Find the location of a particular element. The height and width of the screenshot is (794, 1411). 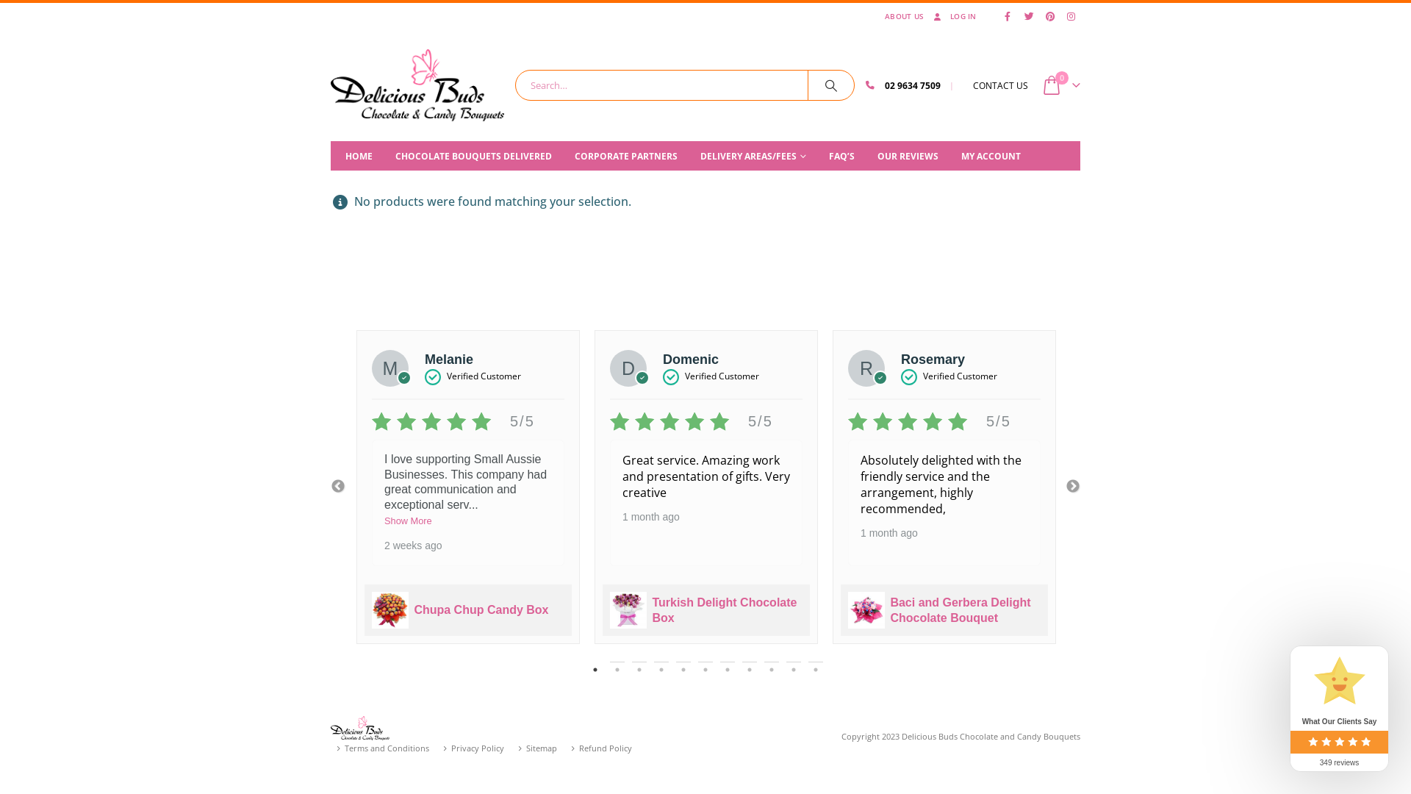

'ABOUT US' is located at coordinates (881, 16).